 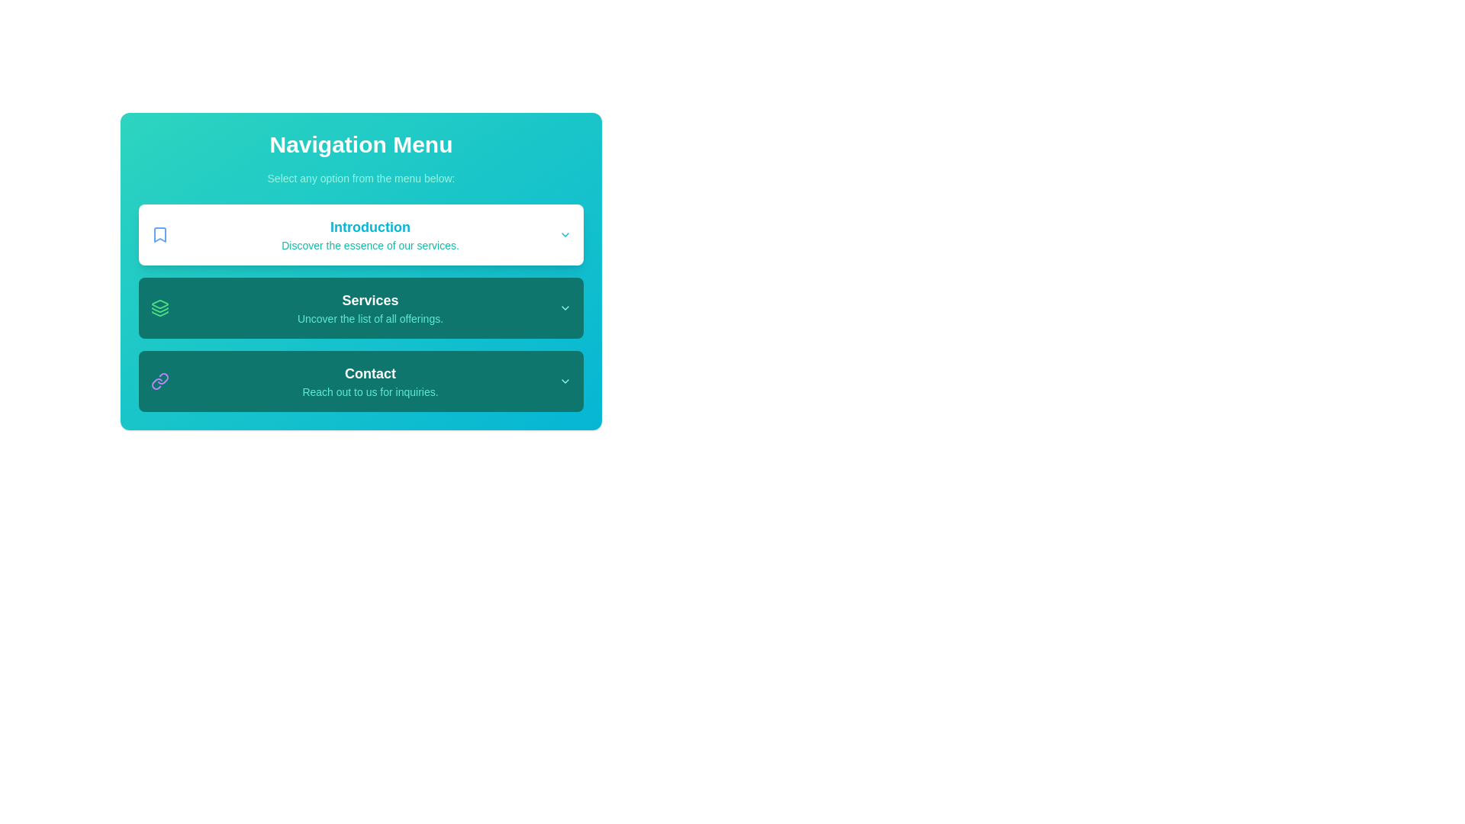 I want to click on the static header text label located at the upper part of the interface with a gradient teal-to-cyan background, which serves as the title for the menu or section, so click(x=360, y=144).